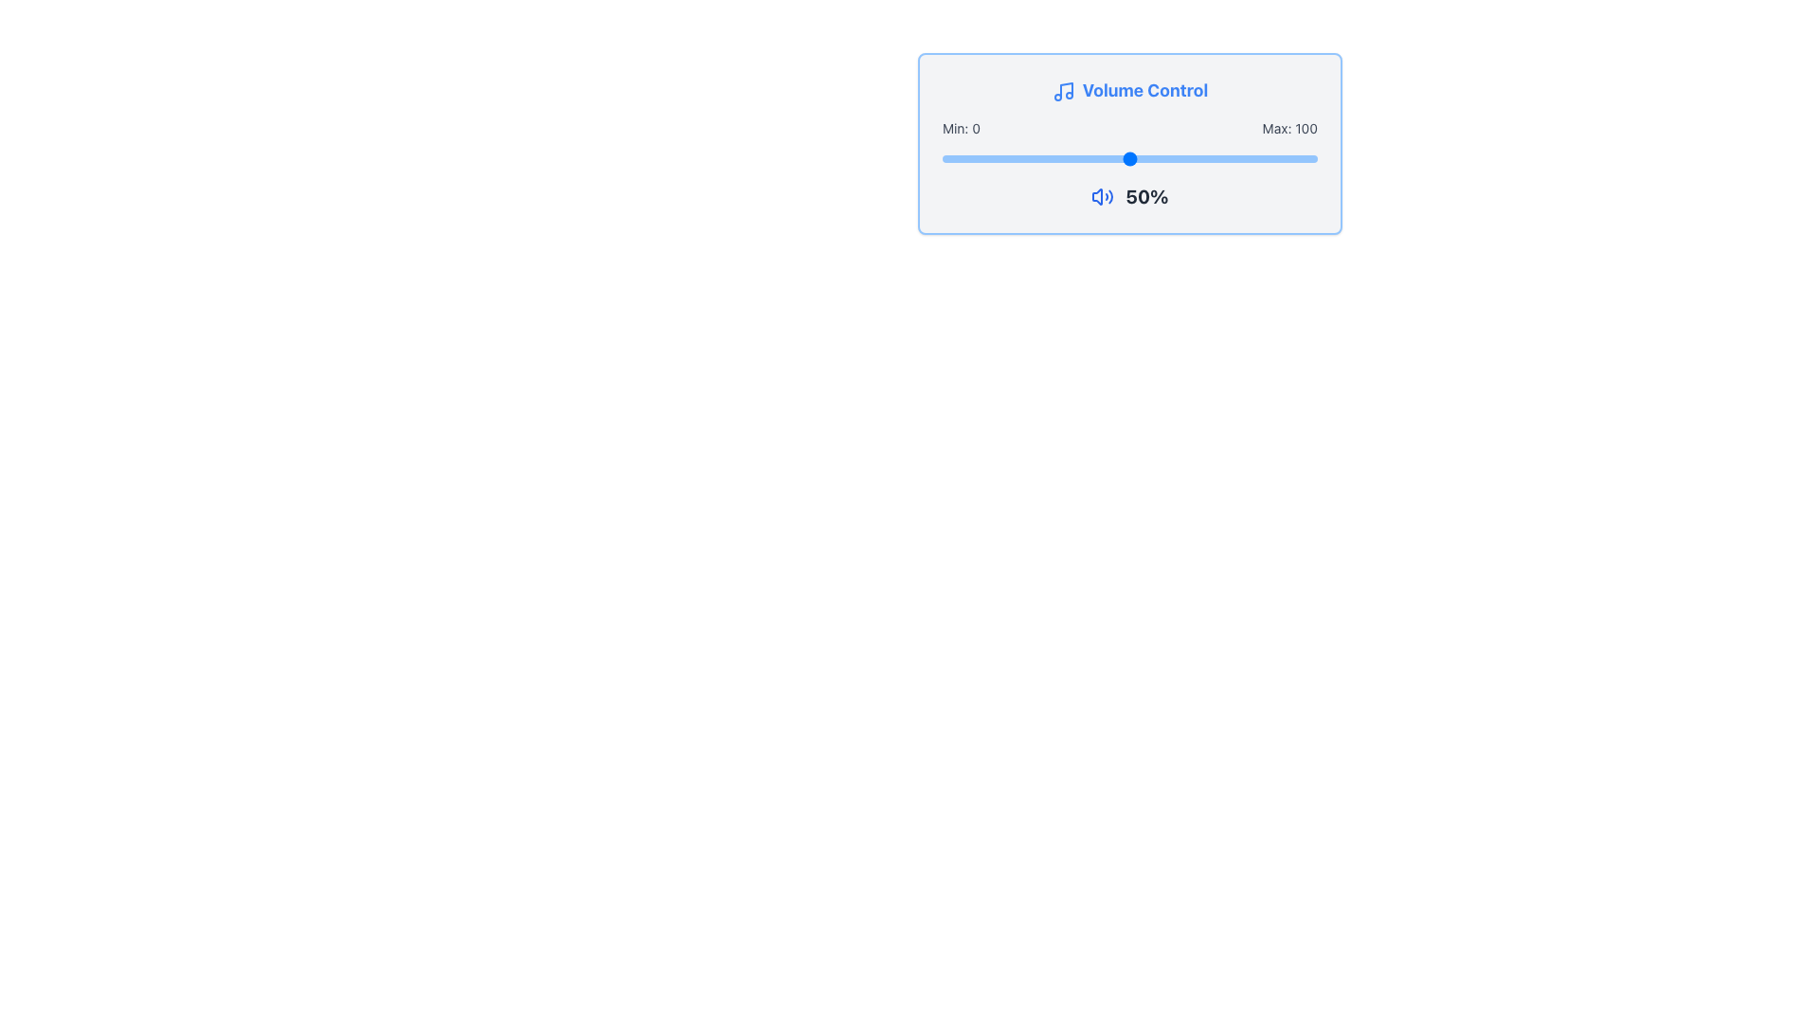  Describe the element at coordinates (1231, 158) in the screenshot. I see `the slider` at that location.